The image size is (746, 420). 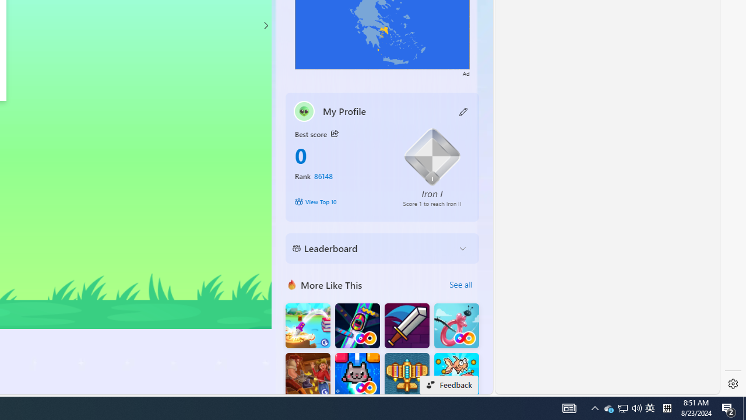 What do you see at coordinates (407, 375) in the screenshot?
I see `'Atlantic Sky Hunter'` at bounding box center [407, 375].